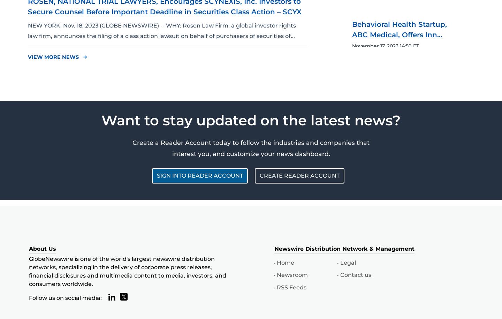 The image size is (502, 319). What do you see at coordinates (200, 175) in the screenshot?
I see `'SIGN INTO READER ACCOUNT'` at bounding box center [200, 175].